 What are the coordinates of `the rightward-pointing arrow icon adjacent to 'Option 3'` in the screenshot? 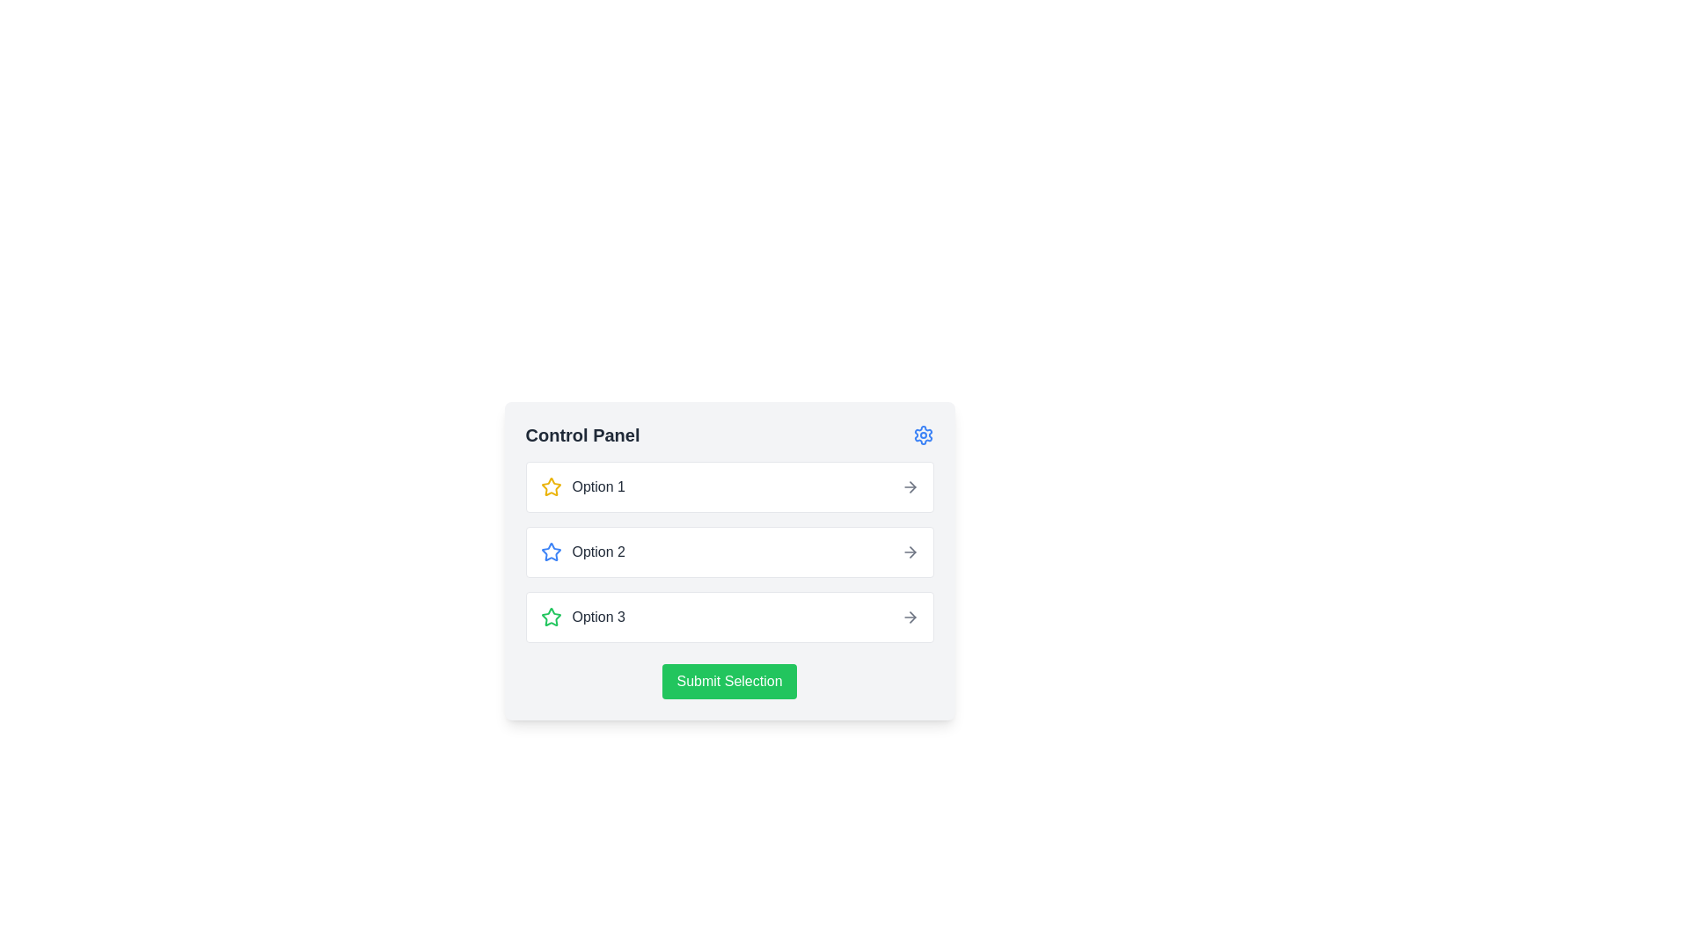 It's located at (910, 617).